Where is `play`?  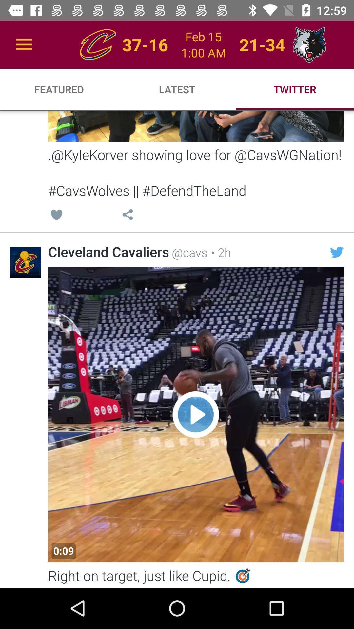 play is located at coordinates (195, 414).